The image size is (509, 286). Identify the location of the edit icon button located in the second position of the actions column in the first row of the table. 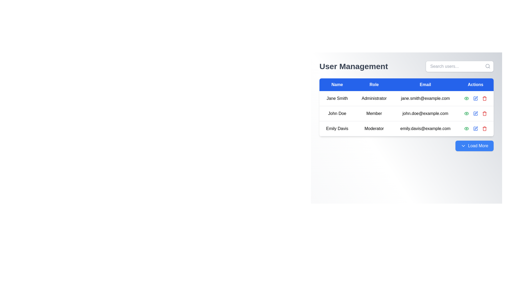
(475, 98).